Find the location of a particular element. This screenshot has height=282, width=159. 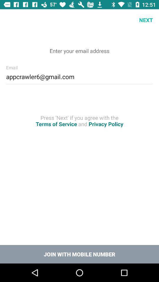

the item below the press next if is located at coordinates (79, 254).